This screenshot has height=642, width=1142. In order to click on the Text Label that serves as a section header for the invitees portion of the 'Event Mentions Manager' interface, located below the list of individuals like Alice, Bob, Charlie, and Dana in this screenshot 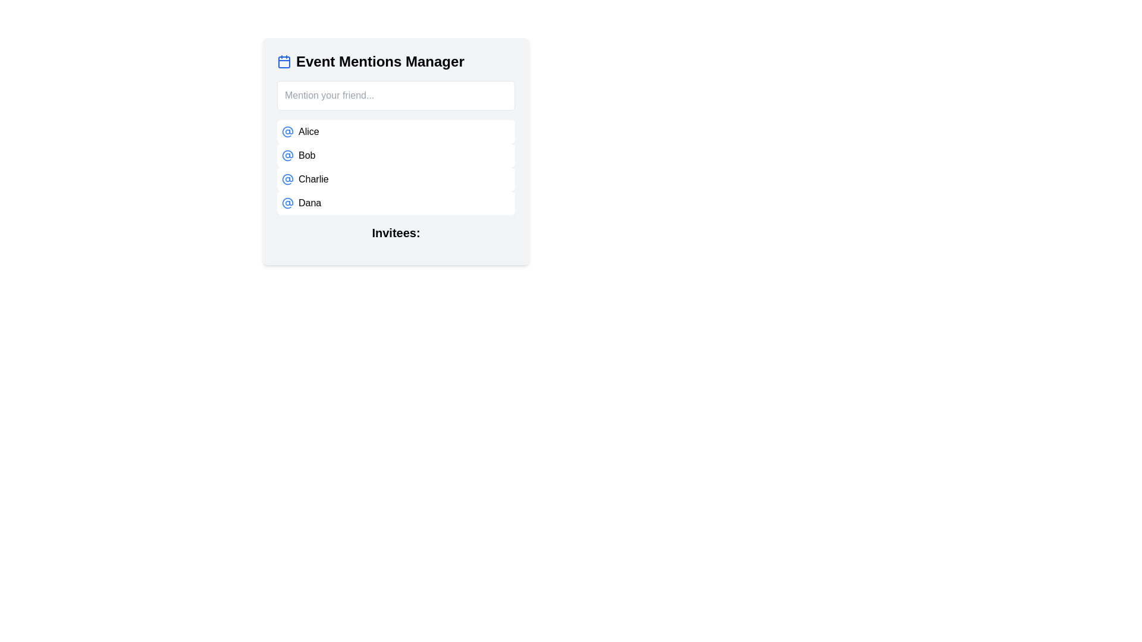, I will do `click(396, 238)`.